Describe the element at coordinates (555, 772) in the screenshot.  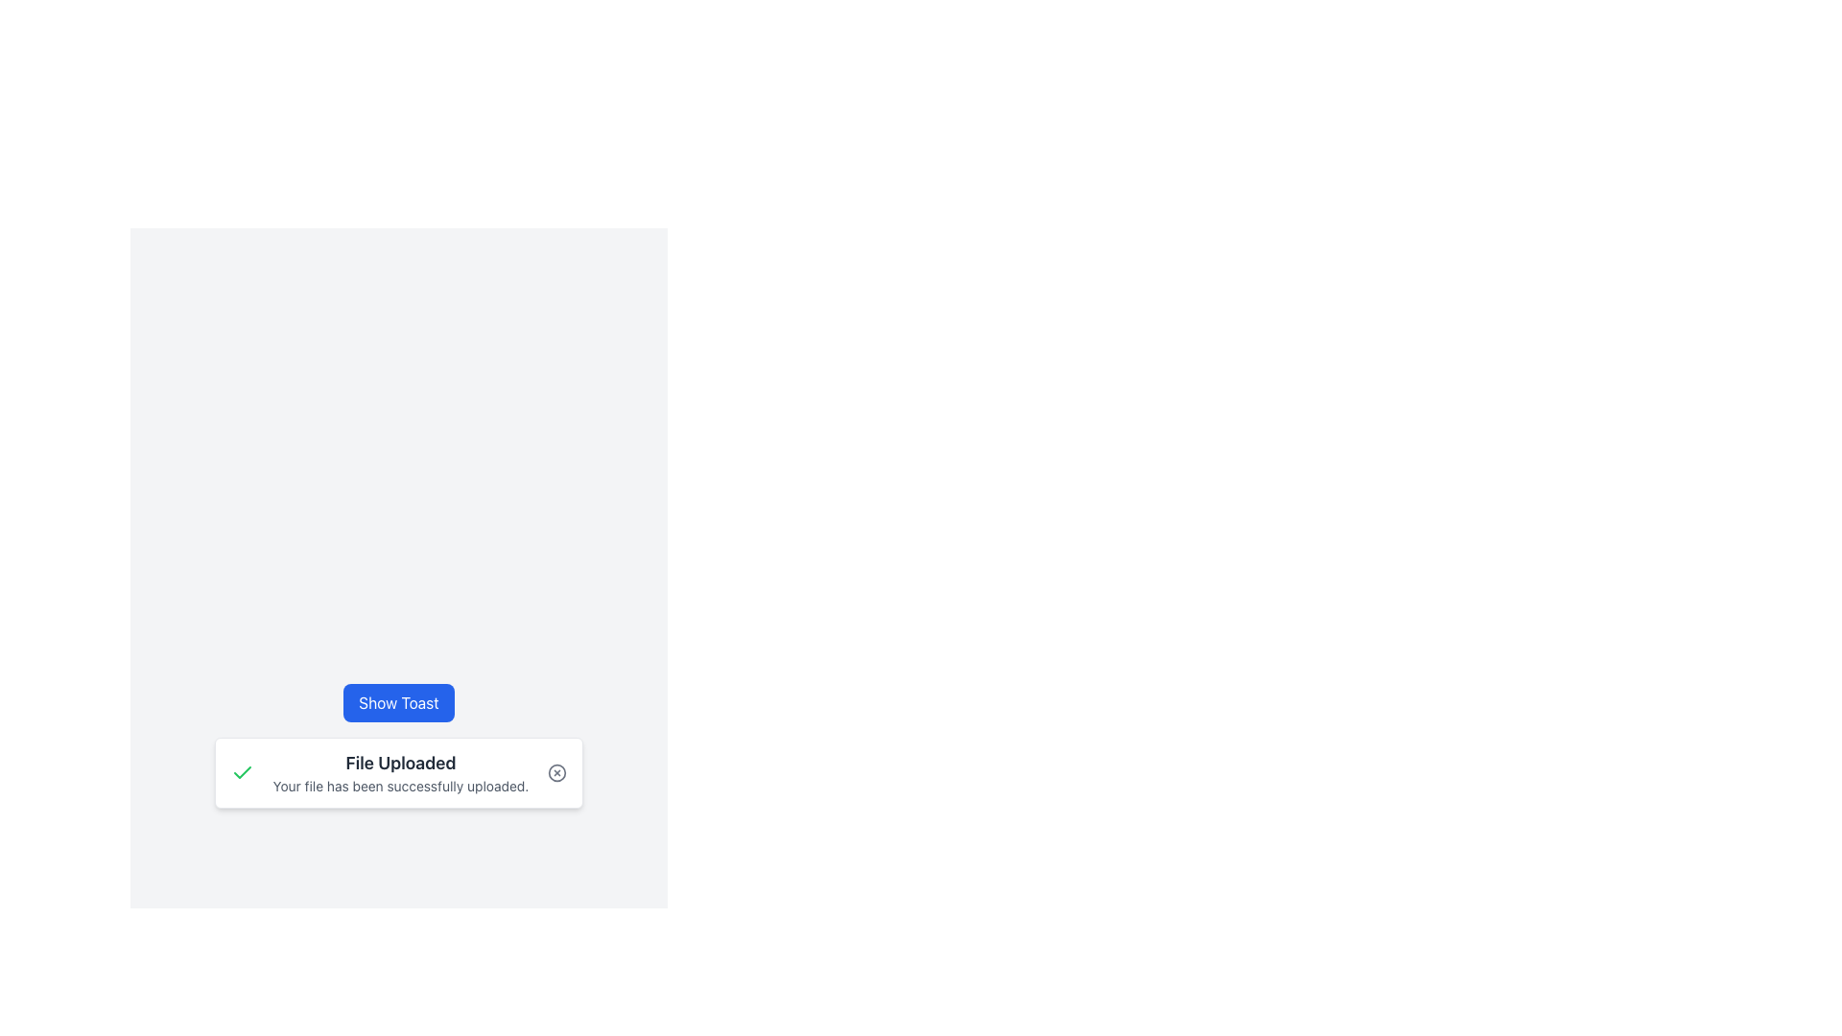
I see `the circular button with a stylized 'X' icon located in the top-right corner of the white card` at that location.